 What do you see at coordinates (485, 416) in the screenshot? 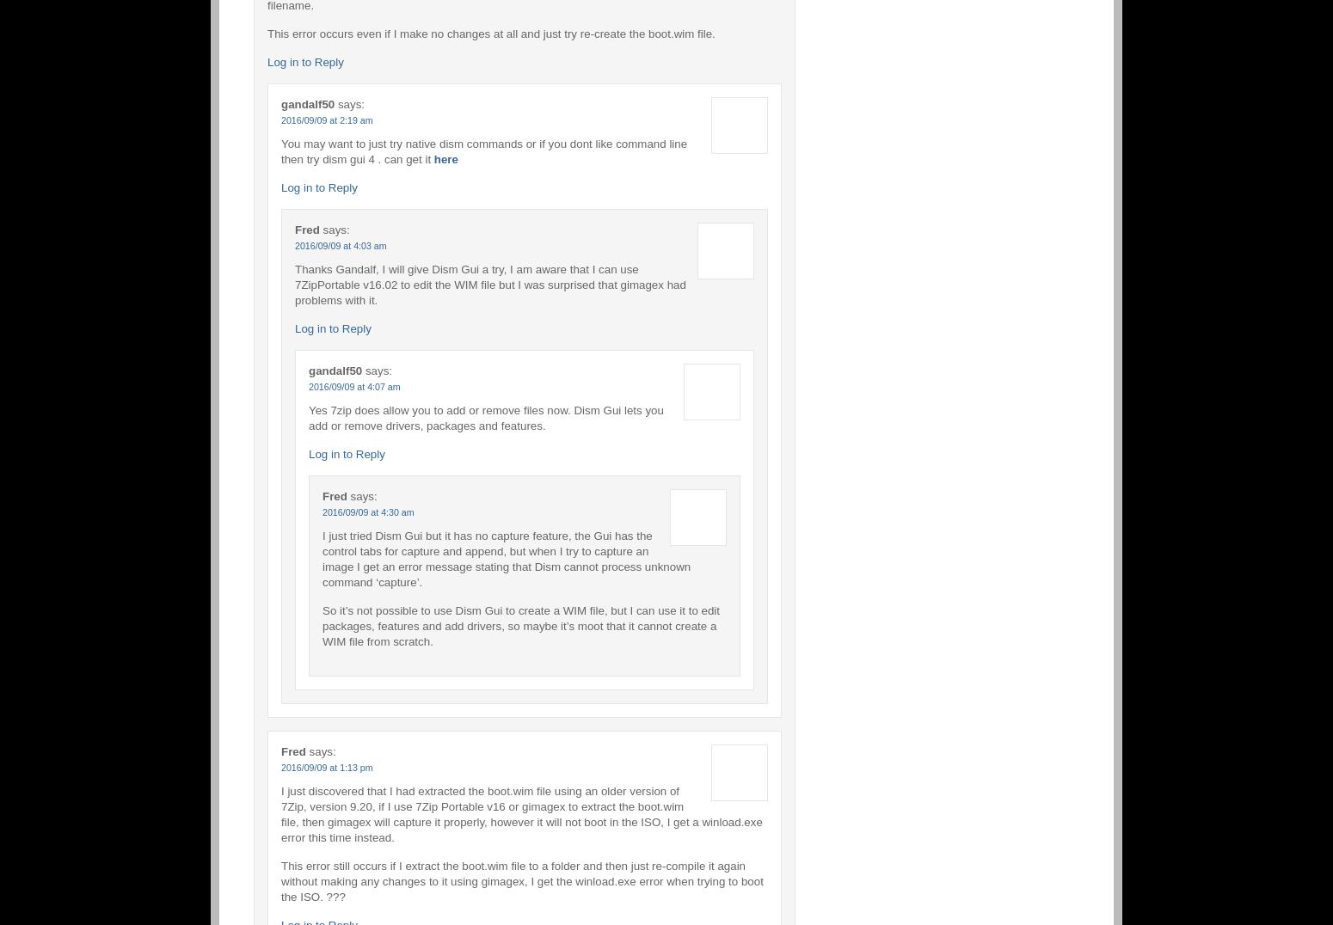
I see `'Yes 7zip does allow you to add or remove files now. Dism Gui  lets you add or remove drivers, packages and features.'` at bounding box center [485, 416].